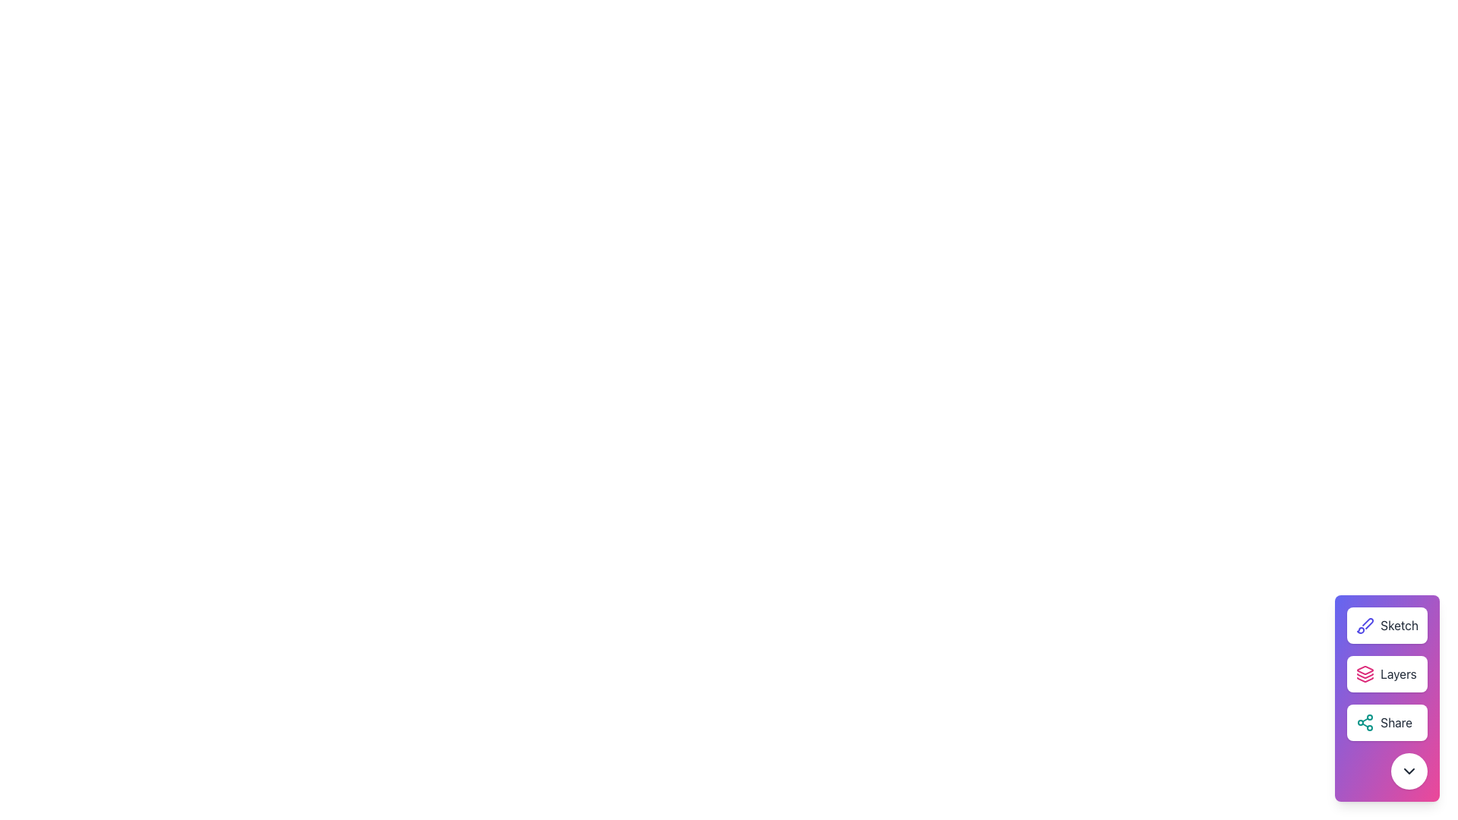 This screenshot has height=820, width=1458. Describe the element at coordinates (1365, 679) in the screenshot. I see `the pink-colored polygon that is the bottom layer of the layered icon in the 'Layers' button located in the bottom-right corner of the interface` at that location.